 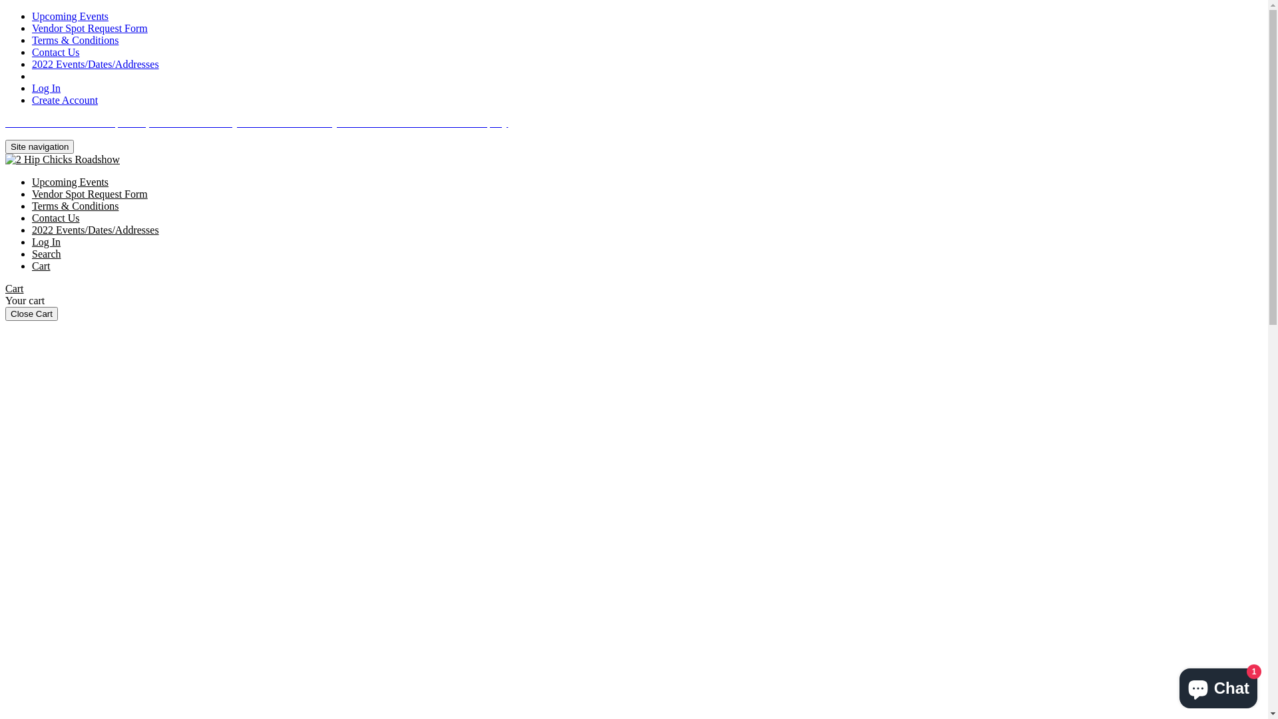 What do you see at coordinates (1218, 685) in the screenshot?
I see `'Shopify online store chat'` at bounding box center [1218, 685].